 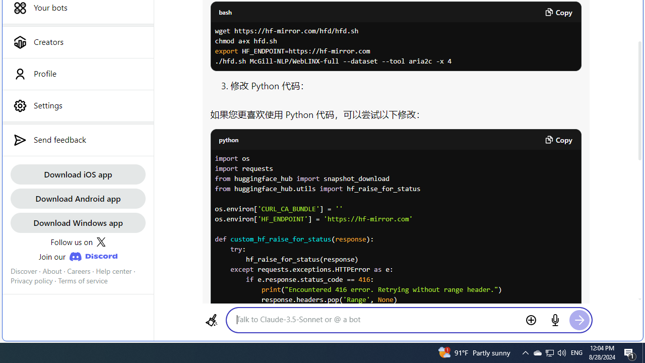 What do you see at coordinates (101, 242) in the screenshot?
I see `'Class: FollowTwitterLink_twitterIconBlack__SS_7V'` at bounding box center [101, 242].